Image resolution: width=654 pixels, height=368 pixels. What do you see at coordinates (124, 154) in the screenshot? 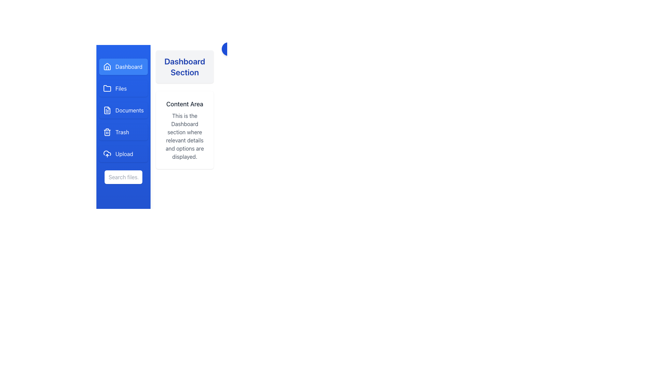
I see `the Text label within the Upload button located in the left sidebar, which is the fifth button in the sequence, positioned between the Trash button and the Search files input field` at bounding box center [124, 154].